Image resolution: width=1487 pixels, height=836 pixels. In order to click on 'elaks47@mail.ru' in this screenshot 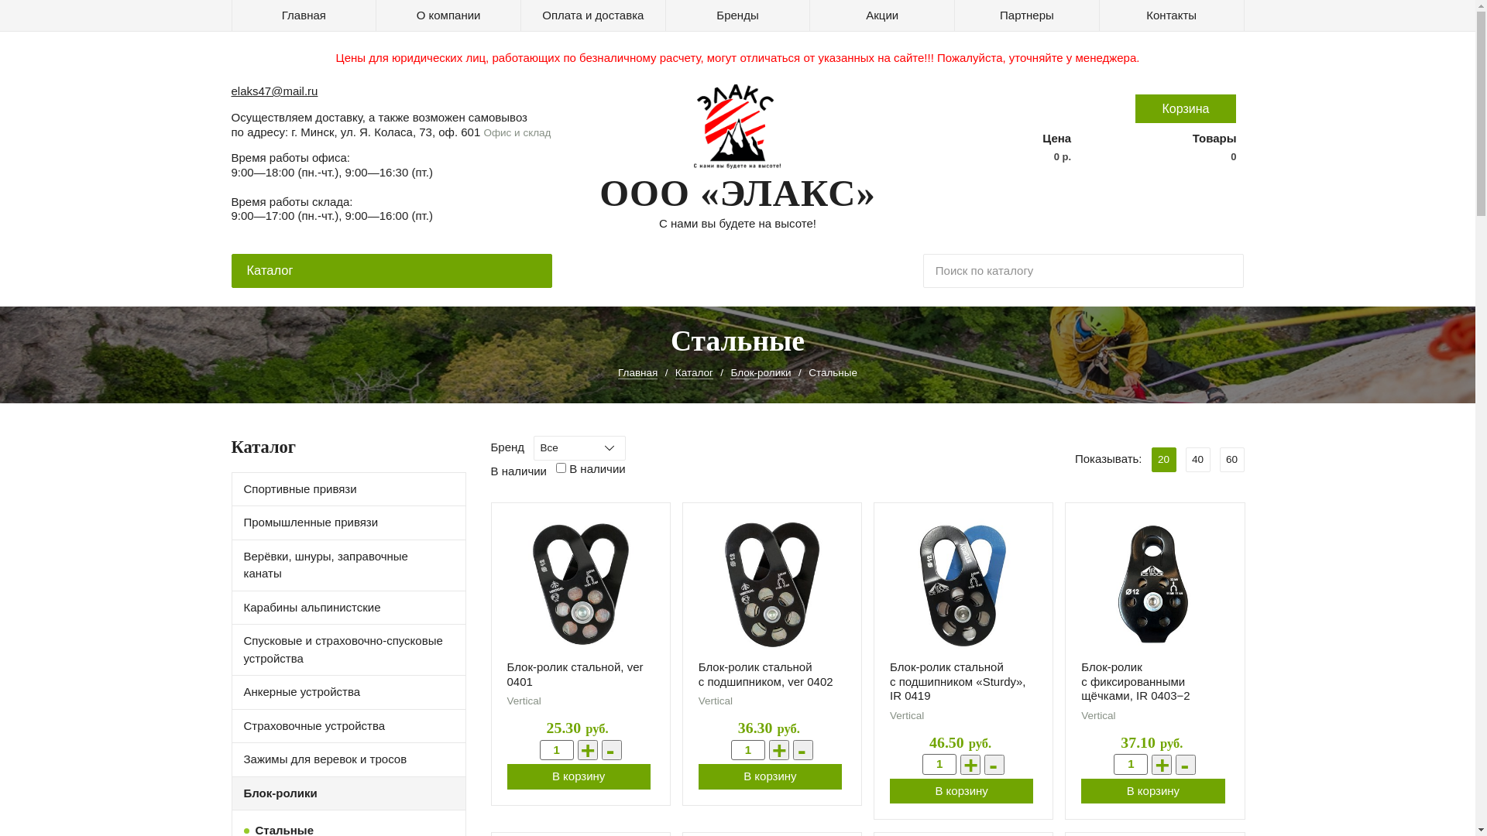, I will do `click(274, 91)`.